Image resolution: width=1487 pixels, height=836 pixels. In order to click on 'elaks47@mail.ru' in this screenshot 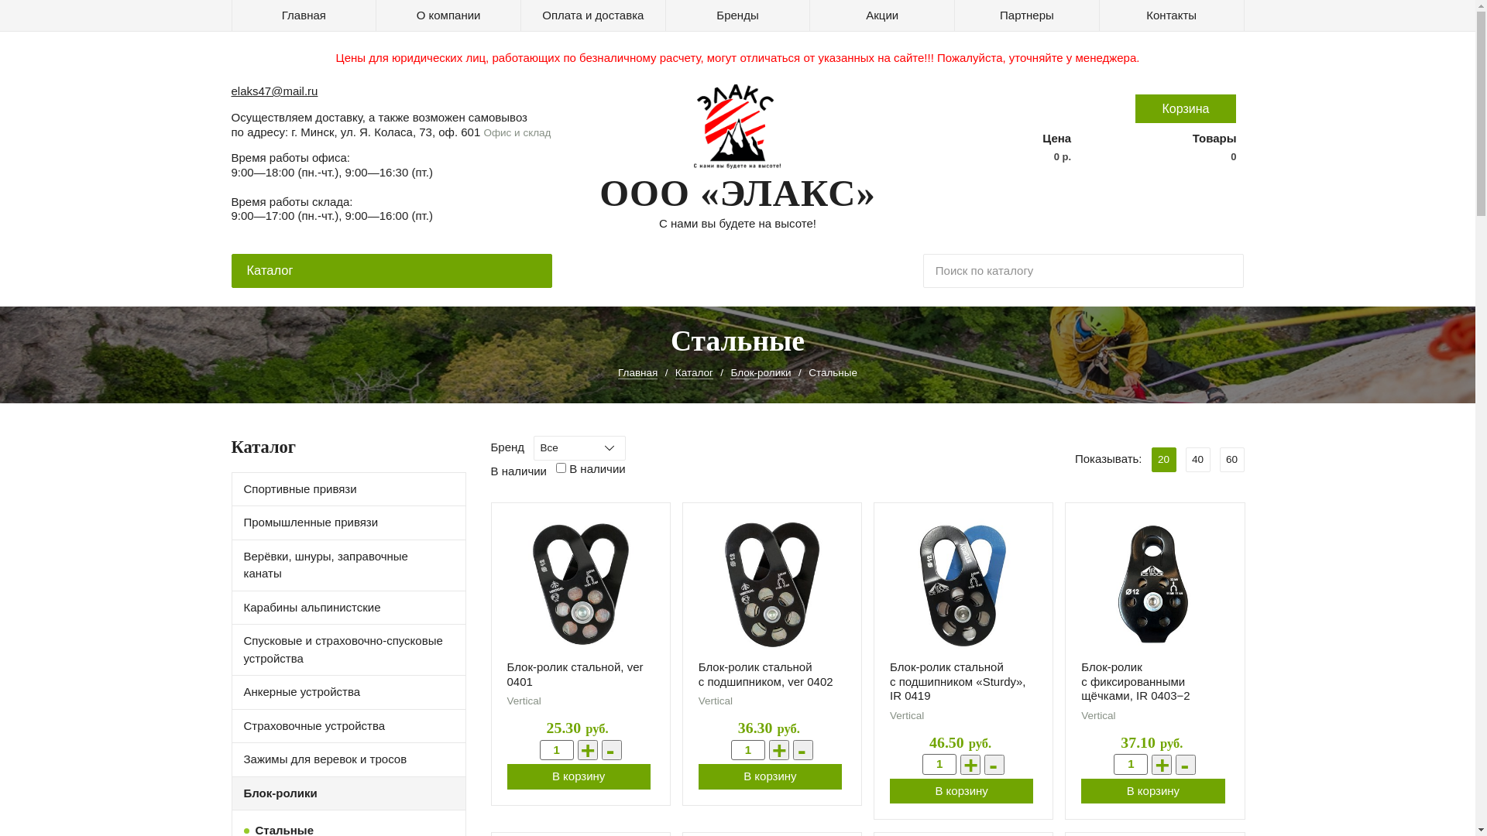, I will do `click(274, 91)`.